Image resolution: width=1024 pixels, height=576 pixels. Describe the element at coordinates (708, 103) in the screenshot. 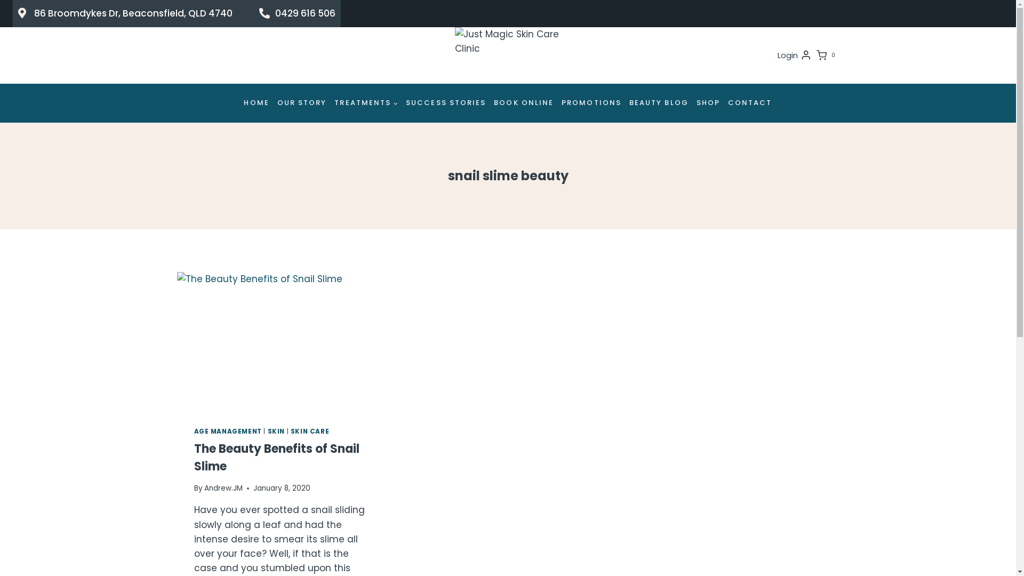

I see `'SHOP'` at that location.